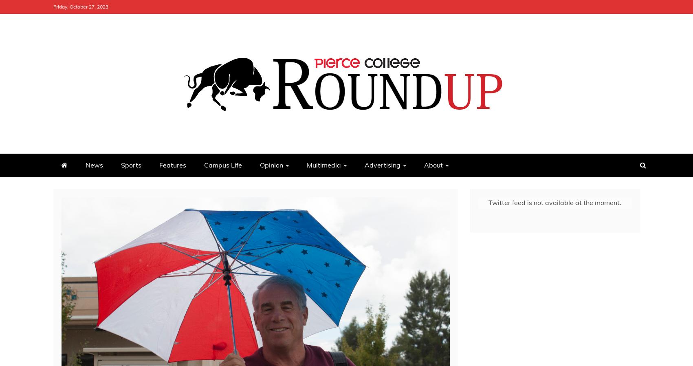  Describe the element at coordinates (109, 145) in the screenshot. I see `'The Roundup'` at that location.